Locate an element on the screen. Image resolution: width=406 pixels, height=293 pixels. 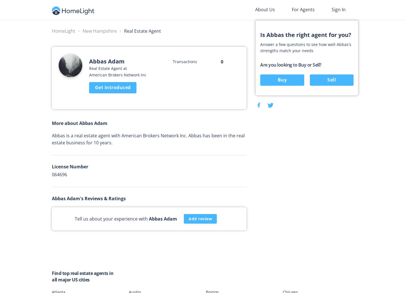
'Buy' is located at coordinates (282, 79).